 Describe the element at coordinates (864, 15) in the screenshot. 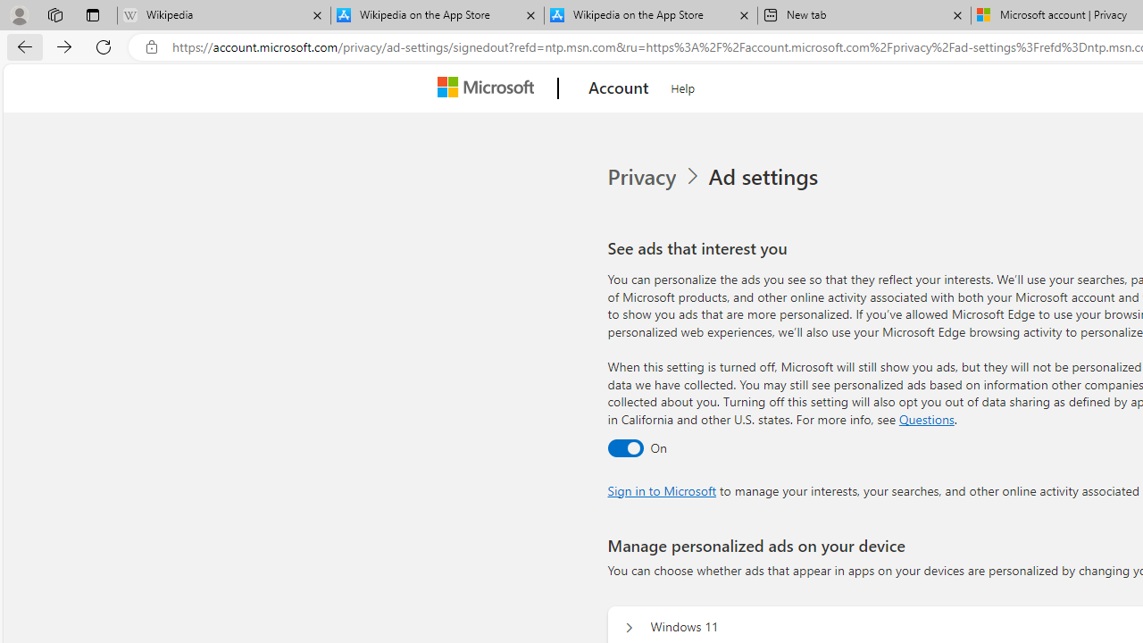

I see `'New tab'` at that location.